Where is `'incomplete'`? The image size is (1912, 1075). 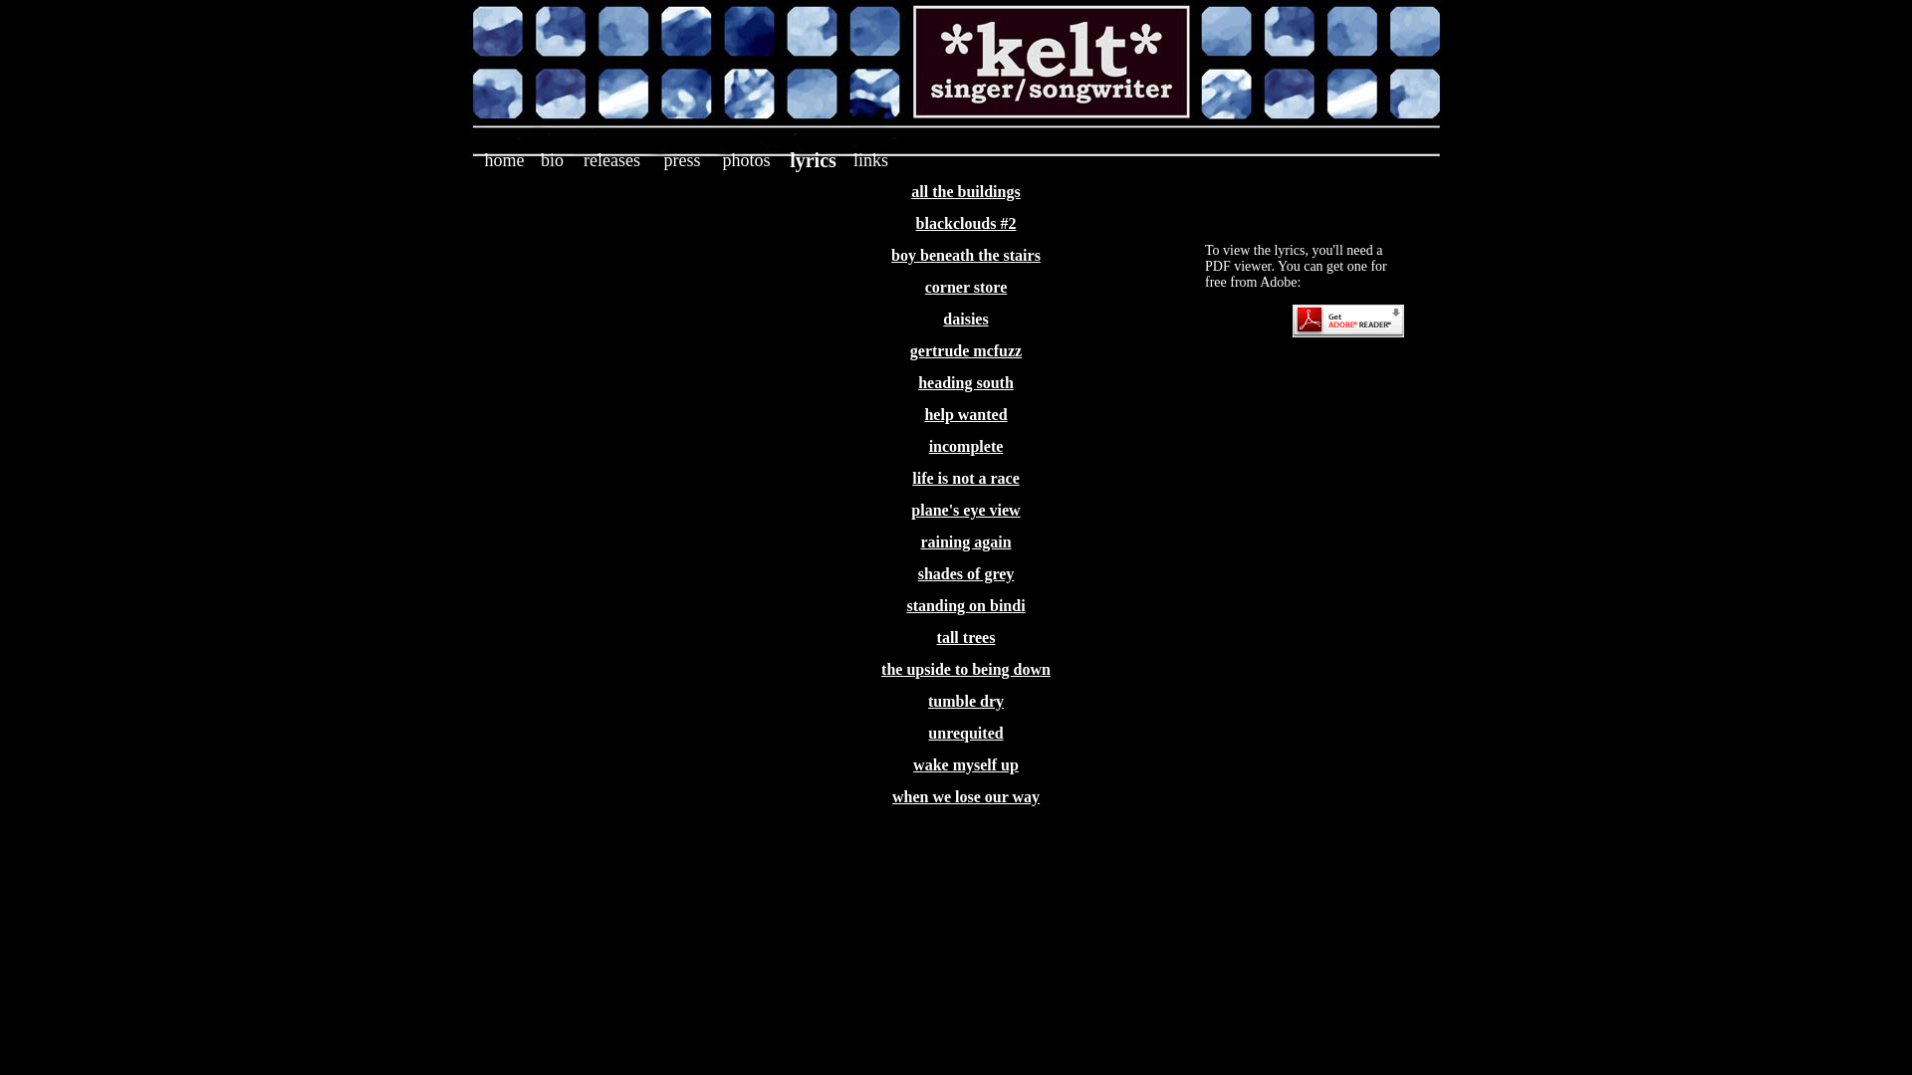 'incomplete' is located at coordinates (927, 445).